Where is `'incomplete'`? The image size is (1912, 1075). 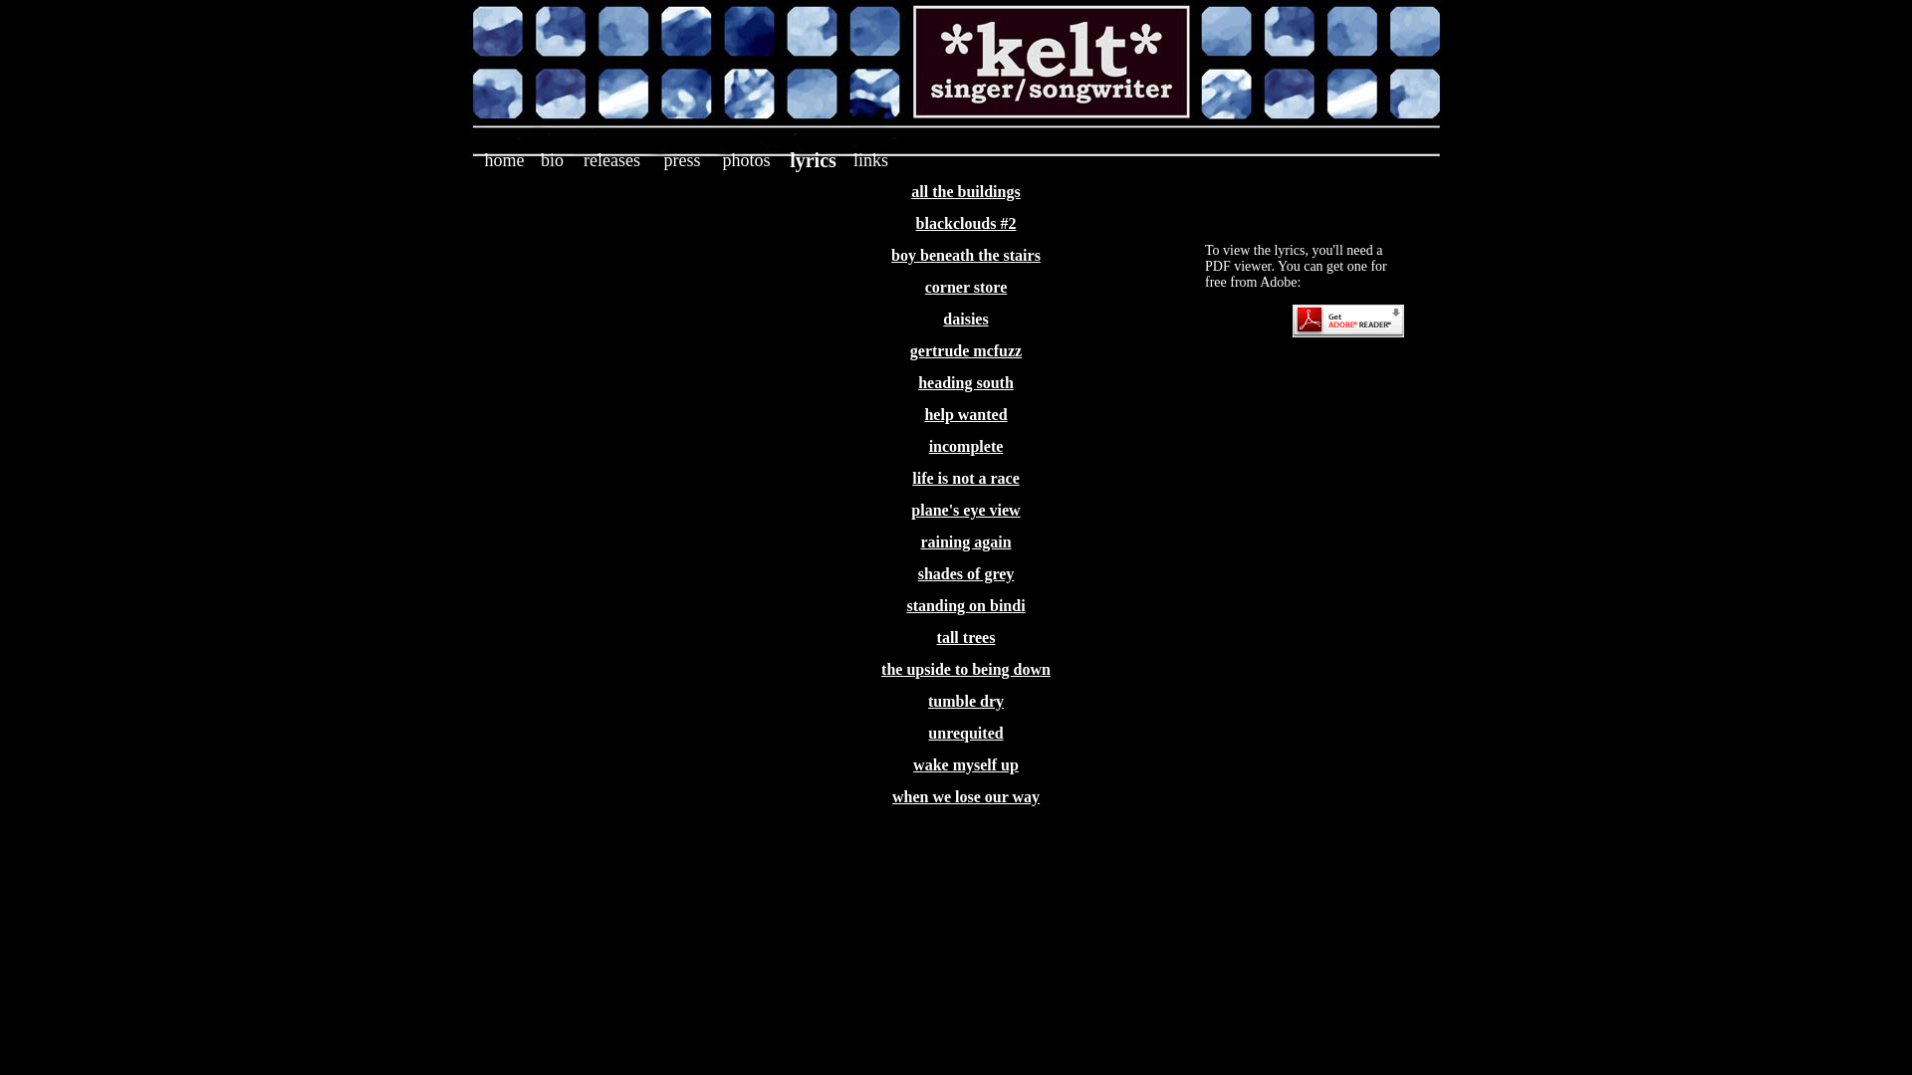 'incomplete' is located at coordinates (927, 445).